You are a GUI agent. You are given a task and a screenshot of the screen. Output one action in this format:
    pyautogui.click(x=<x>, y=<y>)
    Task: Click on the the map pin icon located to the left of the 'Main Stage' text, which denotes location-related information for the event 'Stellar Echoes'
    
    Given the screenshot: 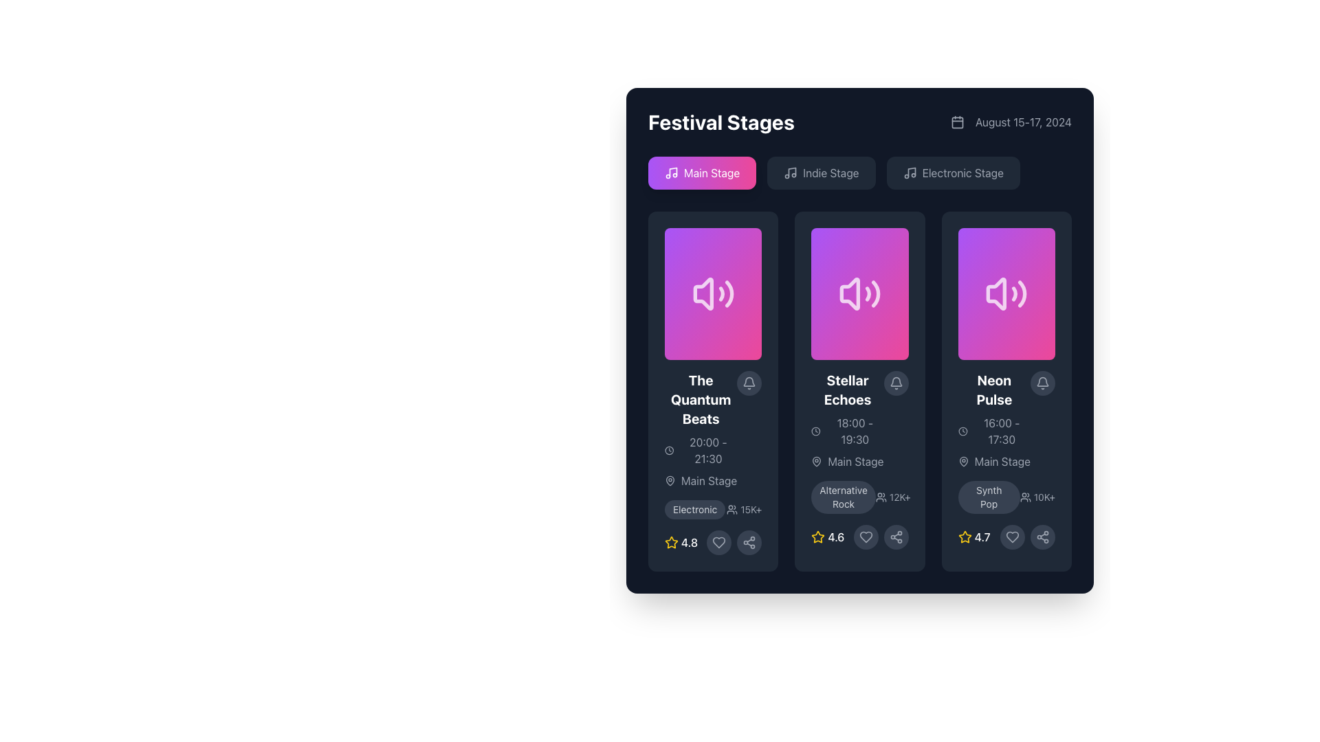 What is the action you would take?
    pyautogui.click(x=817, y=461)
    